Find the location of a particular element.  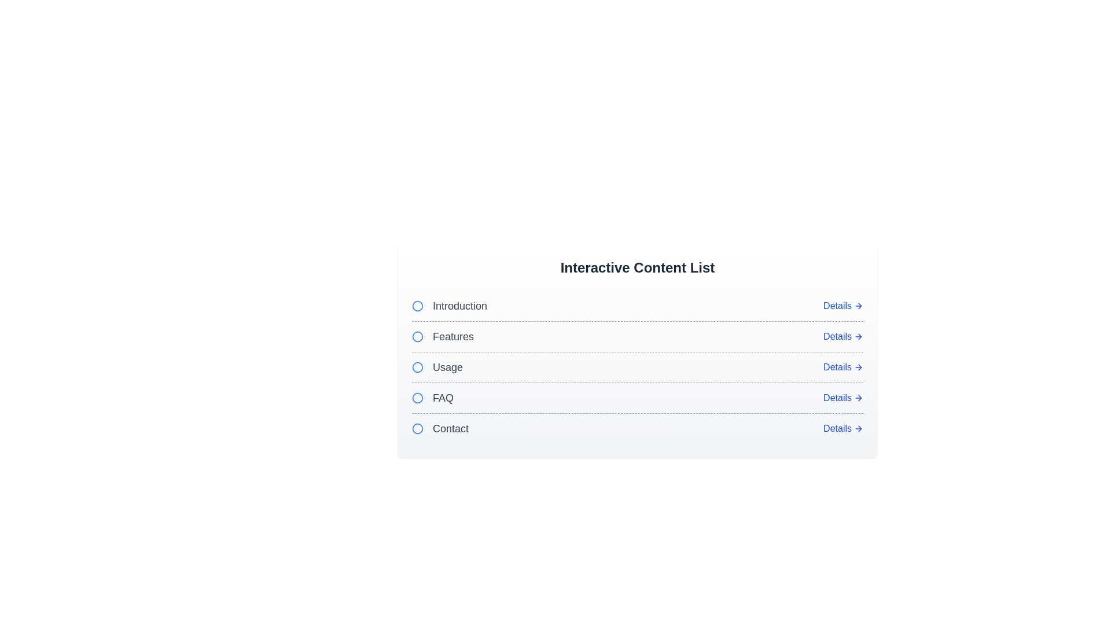

the list item containing the 'FAQ' text label, which is the fourth entry in the 'Interactive Content List' section is located at coordinates (443, 397).